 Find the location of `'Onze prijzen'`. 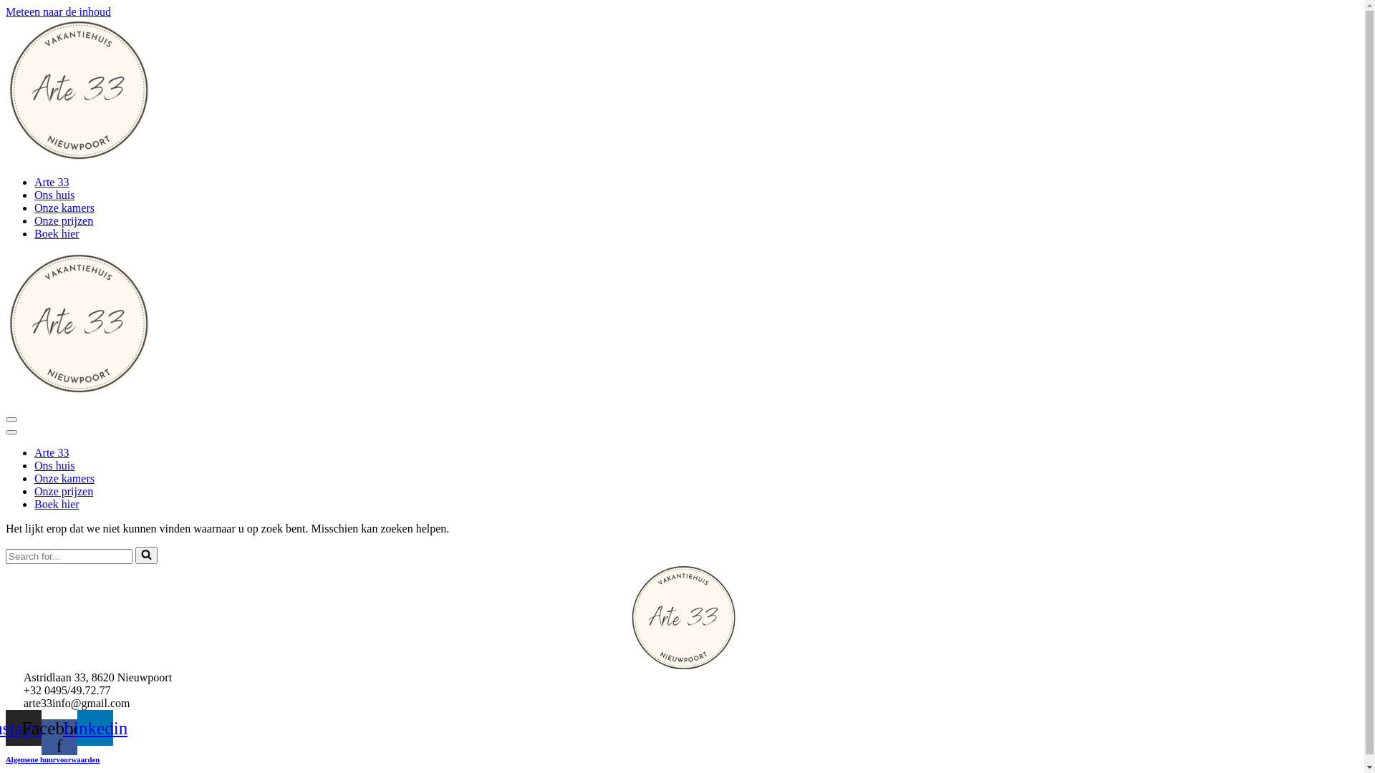

'Onze prijzen' is located at coordinates (34, 220).